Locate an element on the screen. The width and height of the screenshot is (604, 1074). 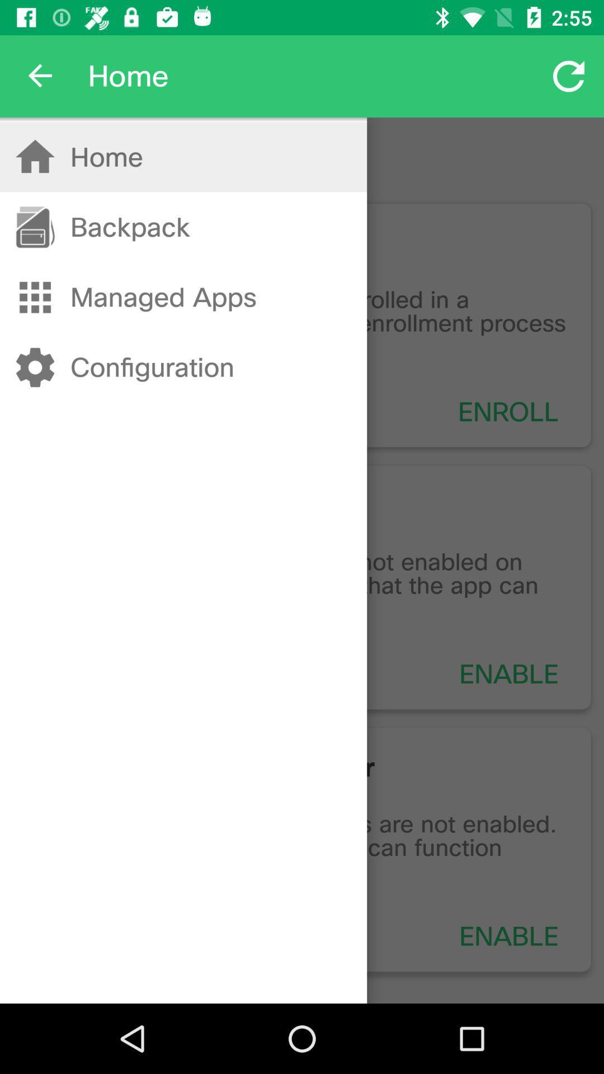
the refresh button which is to the right of text home is located at coordinates (569, 76).